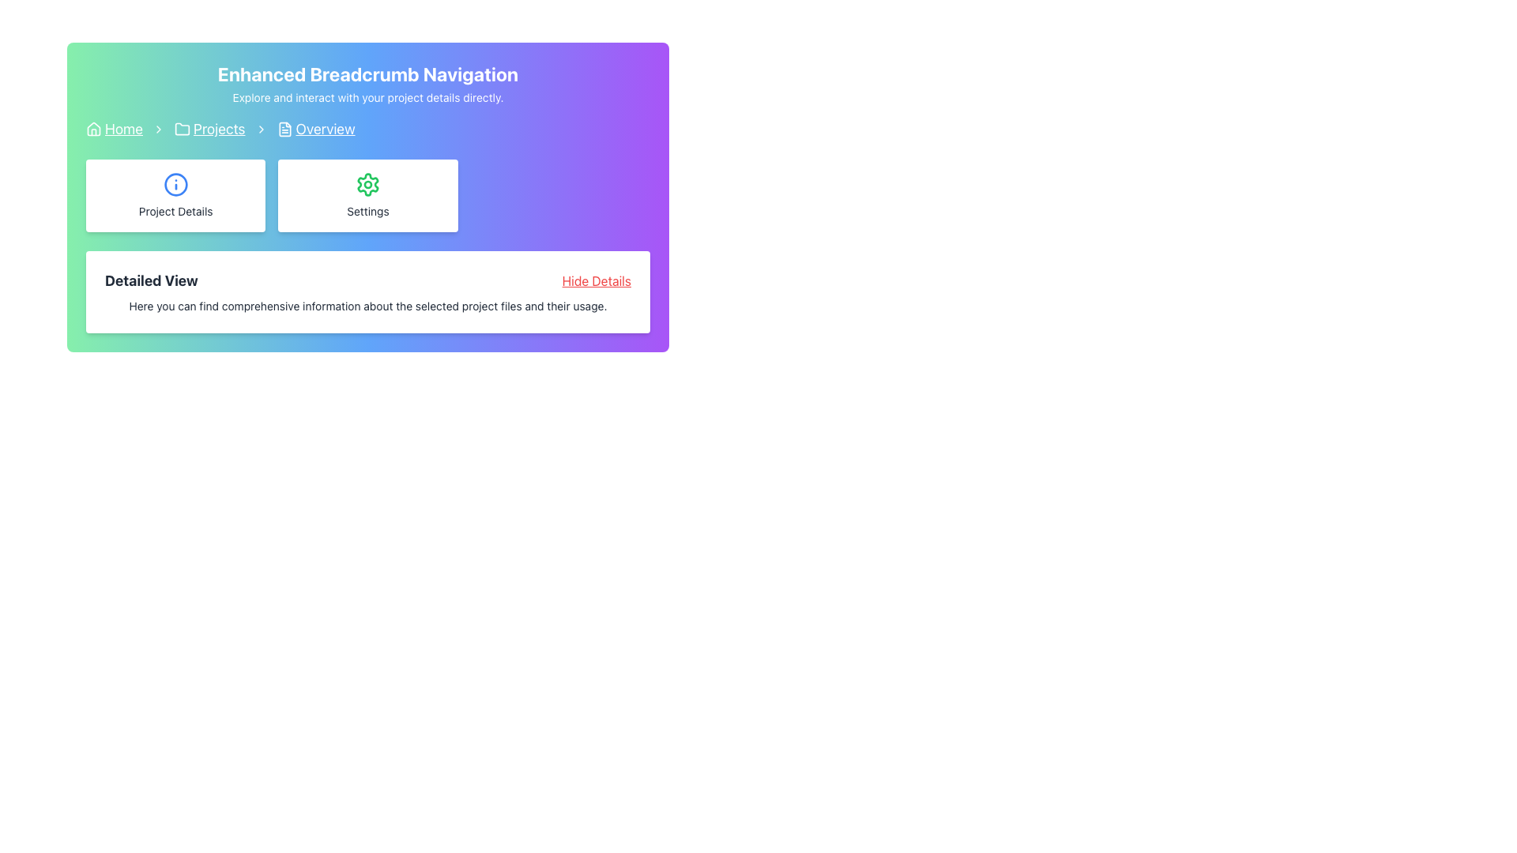 The width and height of the screenshot is (1517, 853). I want to click on the informational icon above the 'Project Details' label, which provides additional details about the project, so click(175, 184).